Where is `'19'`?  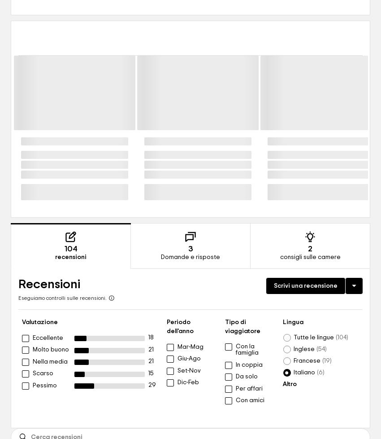 '19' is located at coordinates (326, 360).